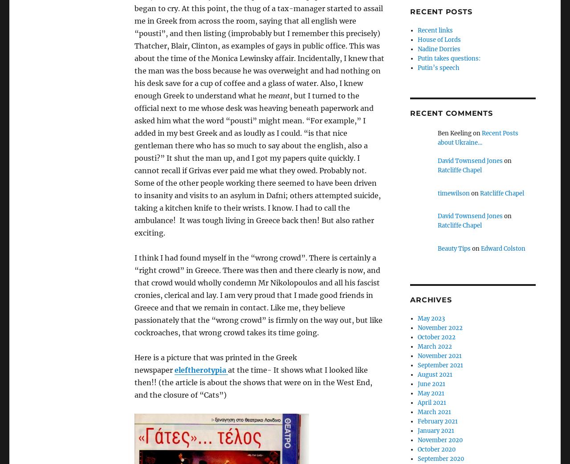  I want to click on 'May 2021', so click(431, 393).